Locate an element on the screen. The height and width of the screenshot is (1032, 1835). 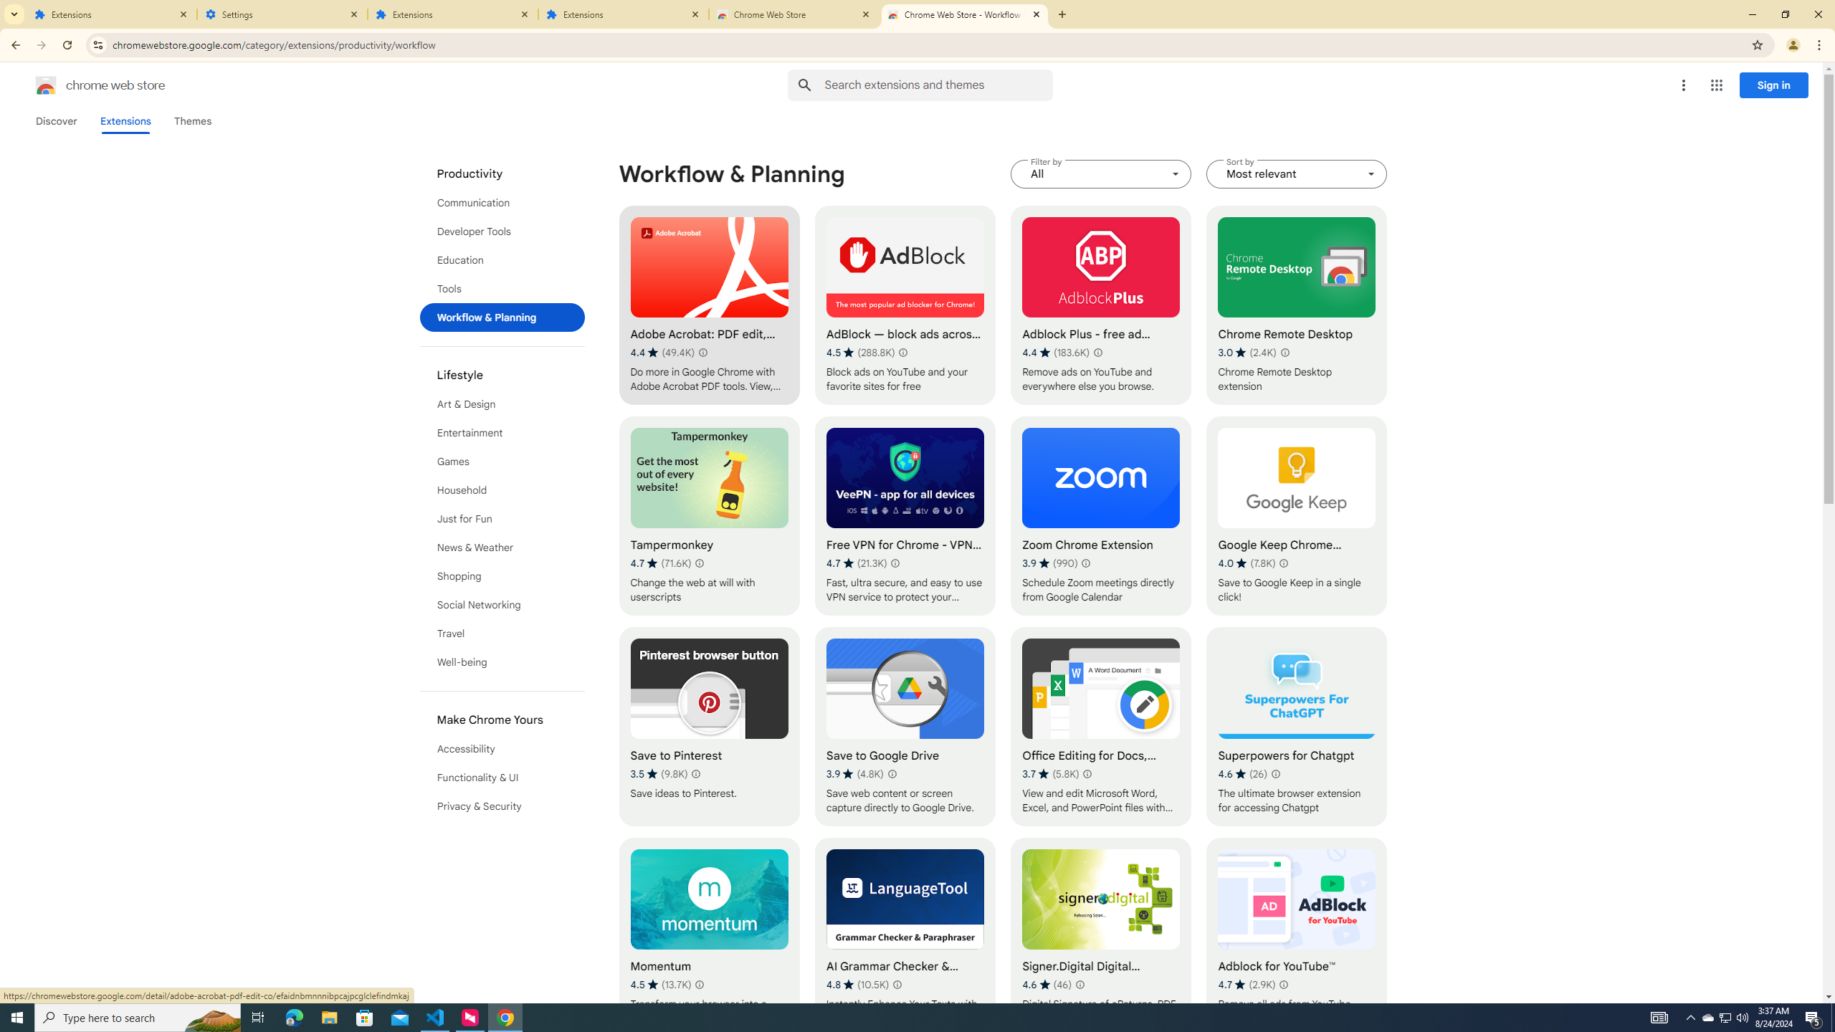
'Themes' is located at coordinates (192, 120).